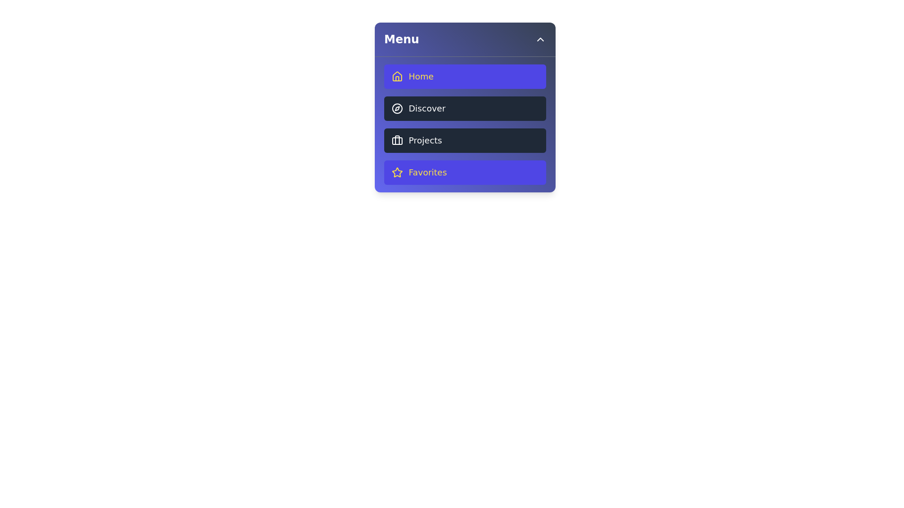 This screenshot has height=508, width=904. What do you see at coordinates (465, 172) in the screenshot?
I see `the menu item Favorites to observe its hover effect` at bounding box center [465, 172].